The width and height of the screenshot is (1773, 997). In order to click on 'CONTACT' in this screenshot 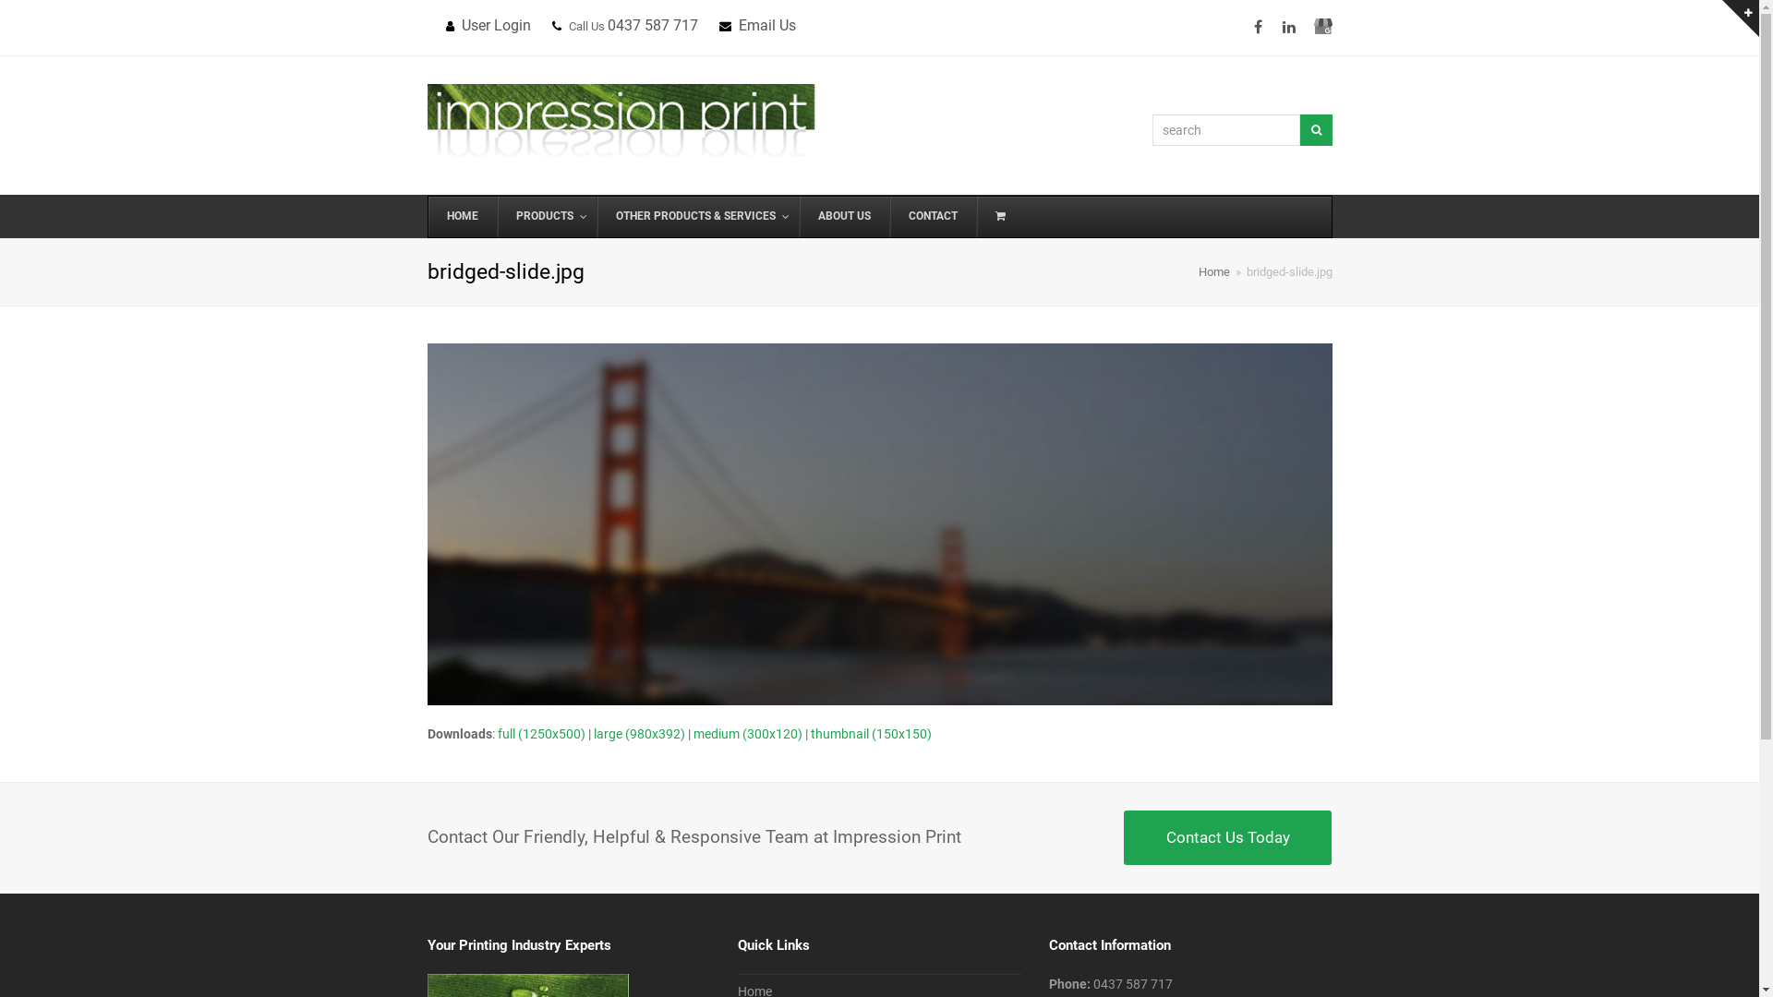, I will do `click(931, 216)`.